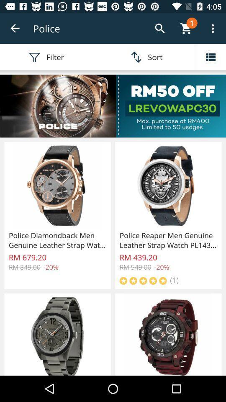 This screenshot has width=226, height=402. I want to click on the button on the top right corner of the web page, so click(213, 28).